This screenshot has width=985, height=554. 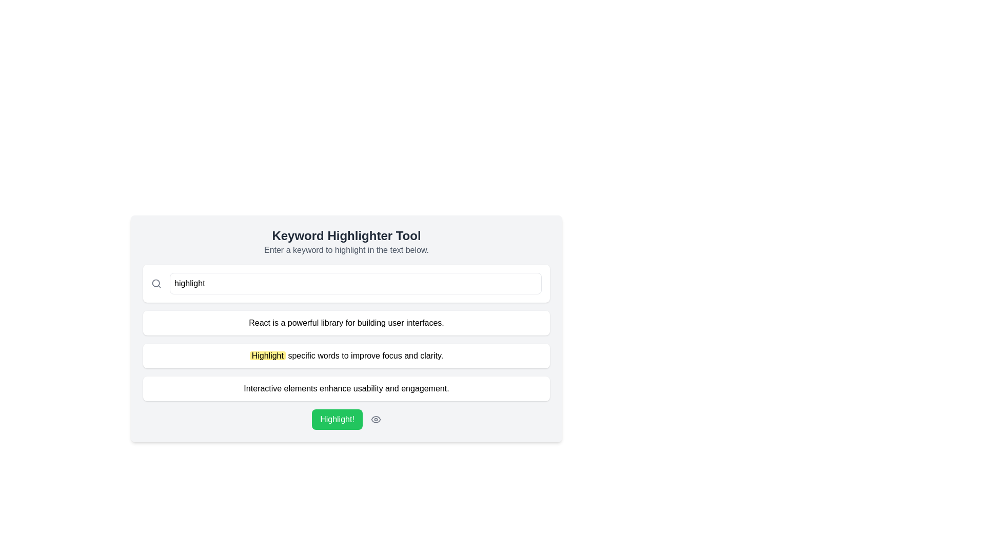 I want to click on the green button labeled 'Highlight!' to observe style changes, such as a darker background color, so click(x=337, y=419).